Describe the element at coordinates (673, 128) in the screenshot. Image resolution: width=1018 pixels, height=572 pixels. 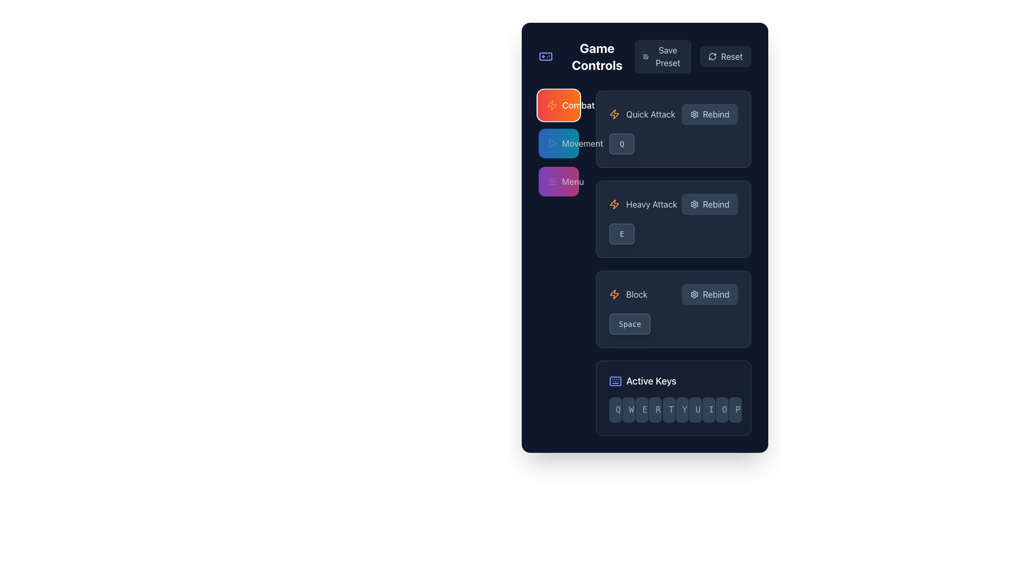
I see `the 'Quick Attack' control binding option in the 'Game Controls' section` at that location.